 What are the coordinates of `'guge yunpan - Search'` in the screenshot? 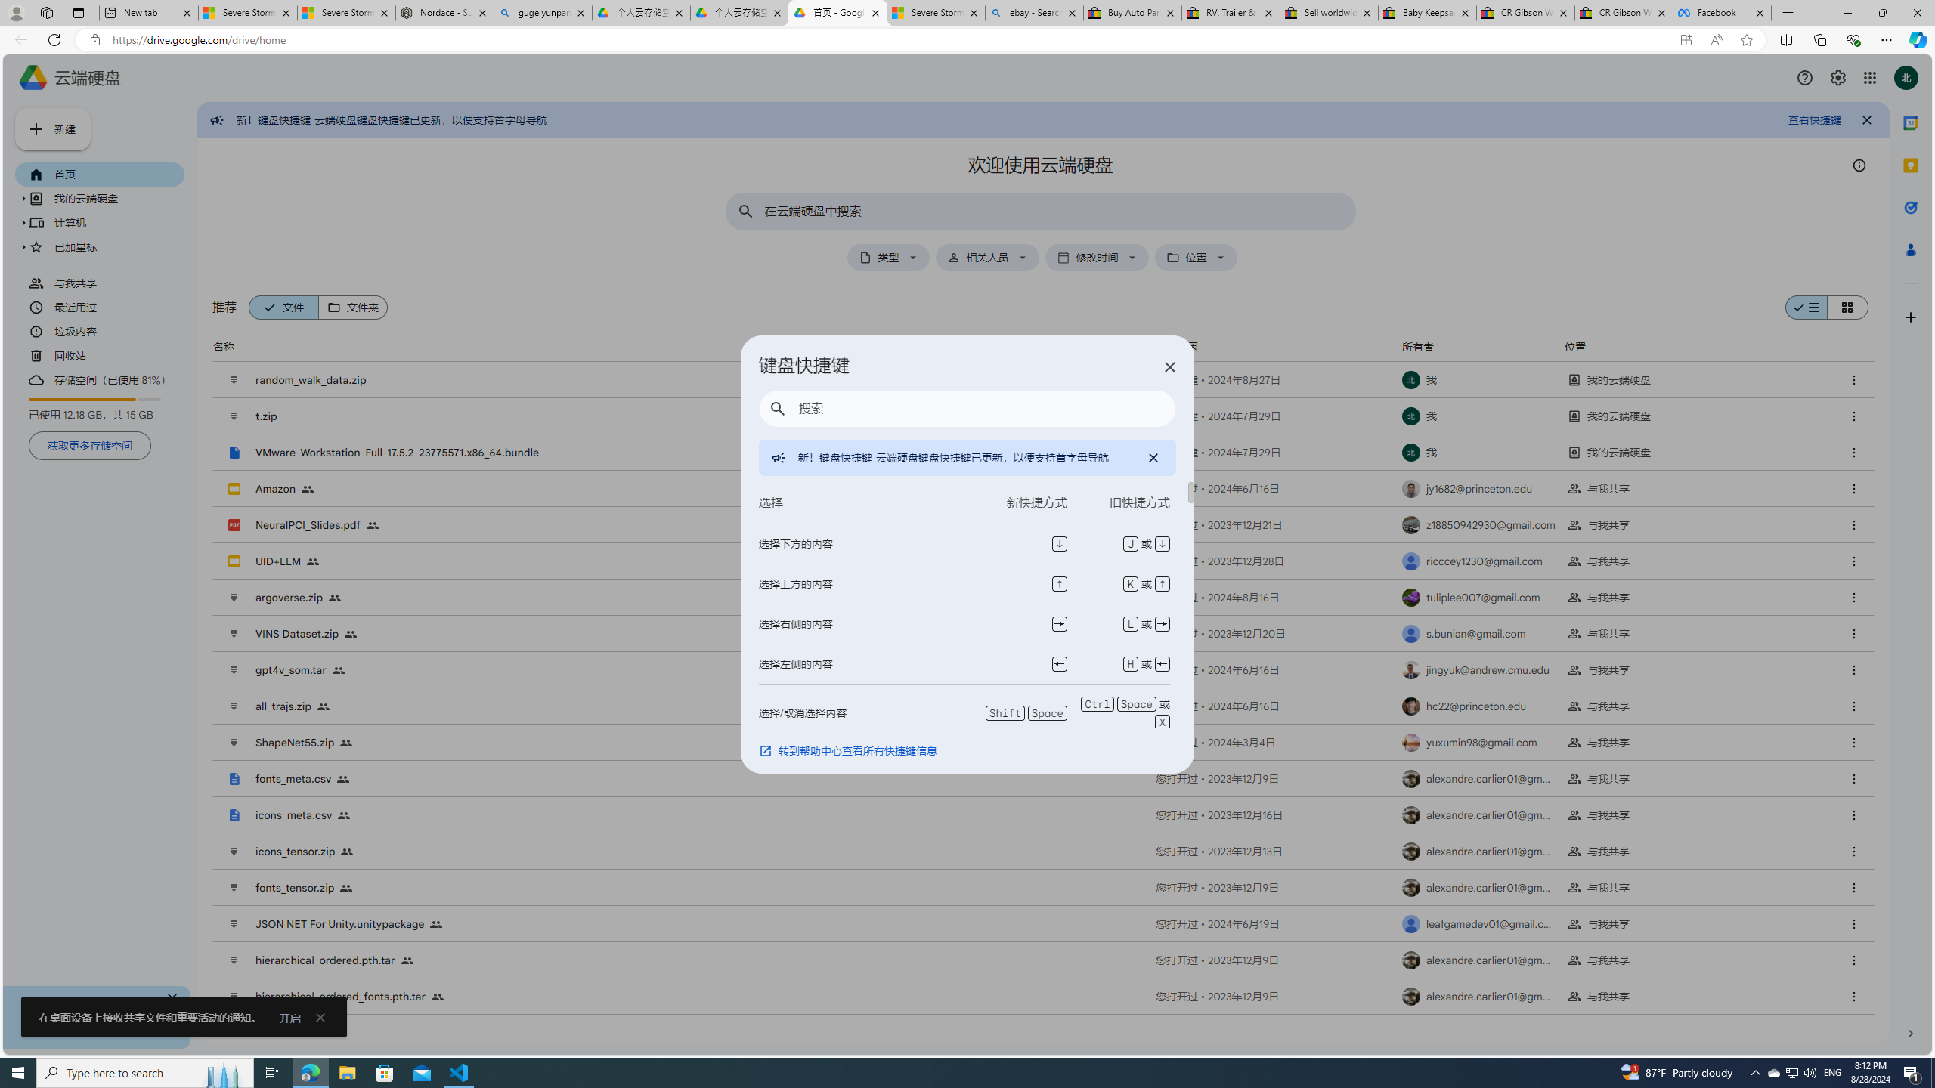 It's located at (542, 12).